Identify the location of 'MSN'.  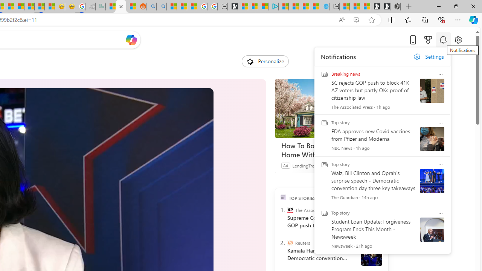
(39, 6).